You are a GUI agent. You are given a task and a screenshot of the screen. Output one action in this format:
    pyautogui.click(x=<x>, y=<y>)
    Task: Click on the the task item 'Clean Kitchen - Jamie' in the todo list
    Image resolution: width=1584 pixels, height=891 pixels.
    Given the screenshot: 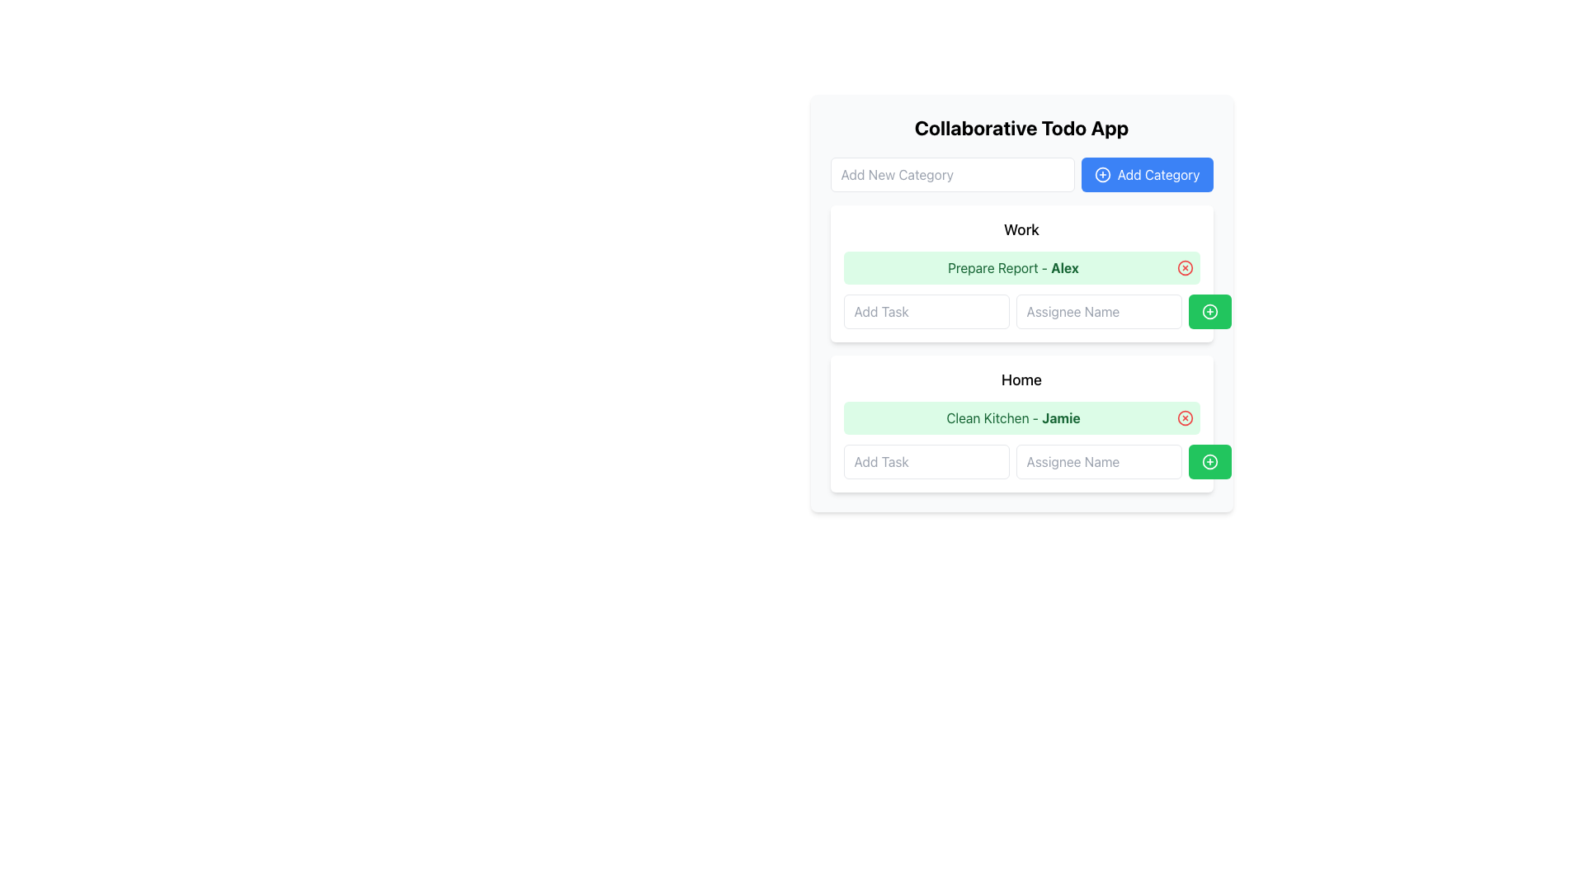 What is the action you would take?
    pyautogui.click(x=1021, y=417)
    